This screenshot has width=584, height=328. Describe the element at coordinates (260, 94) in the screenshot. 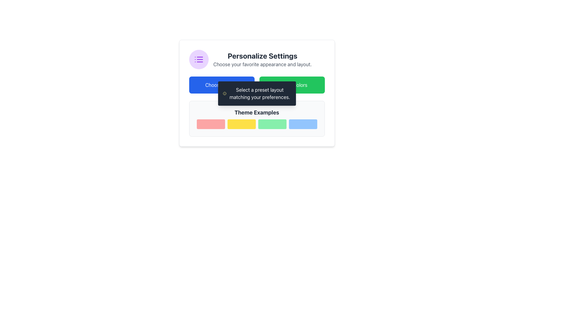

I see `the informative label located in the dialog modal titled 'Personalize Settings', positioned above the 'Choose Colors' and 'Theme Examples' buttons` at that location.